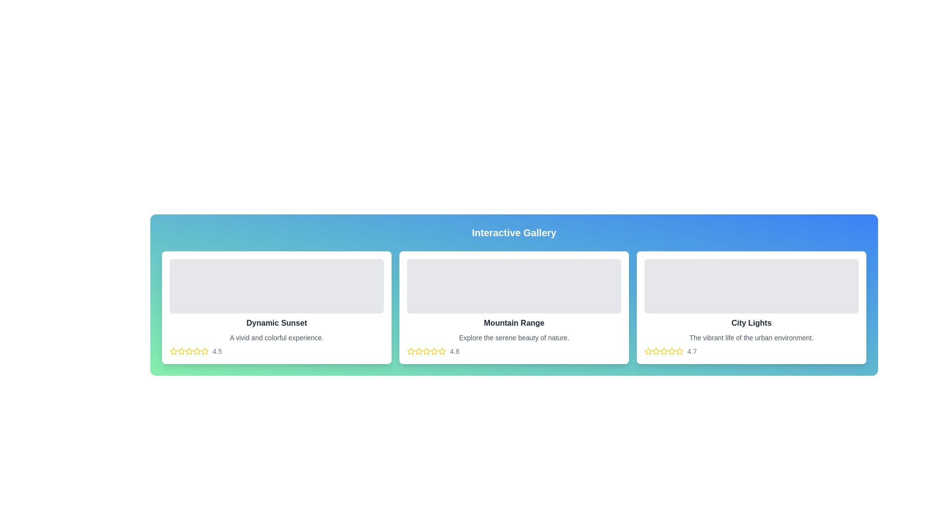 This screenshot has width=934, height=525. Describe the element at coordinates (411, 351) in the screenshot. I see `the star-shaped icon with a yellow outline located below the text 'Mountain Range' in the rightmost content card` at that location.